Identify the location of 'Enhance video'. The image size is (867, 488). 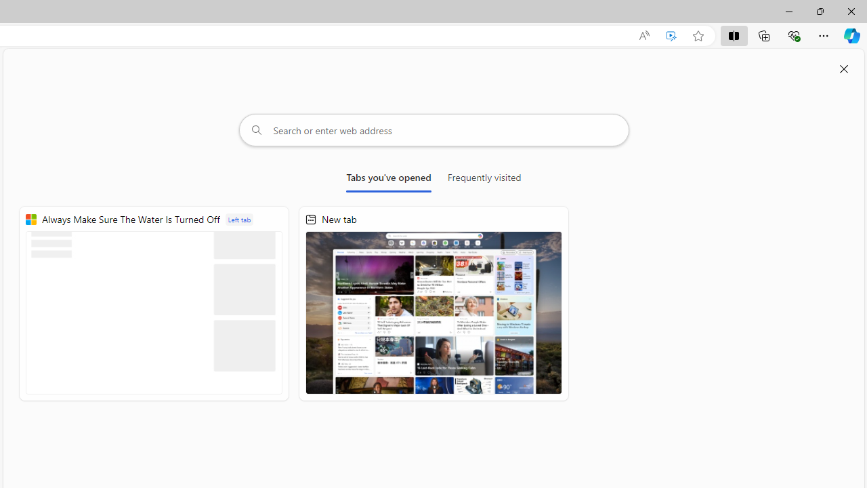
(671, 35).